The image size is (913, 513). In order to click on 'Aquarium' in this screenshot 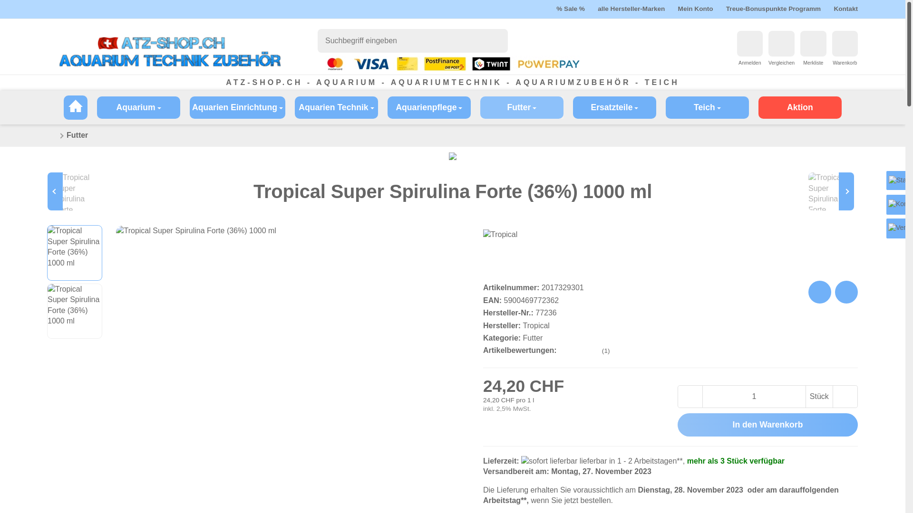, I will do `click(138, 107)`.